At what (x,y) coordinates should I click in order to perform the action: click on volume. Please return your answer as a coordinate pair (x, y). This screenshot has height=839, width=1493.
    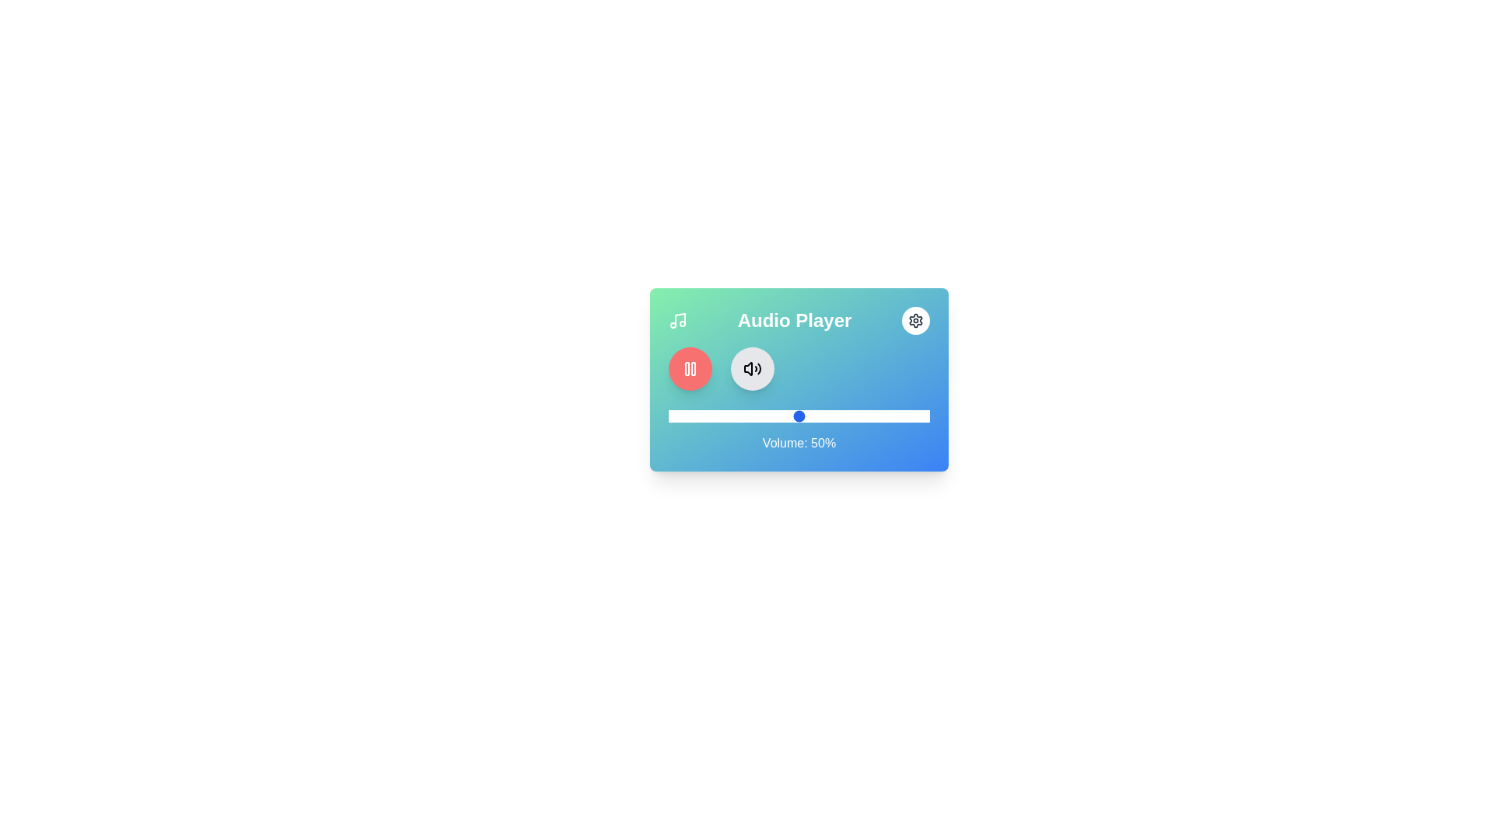
    Looking at the image, I should click on (921, 416).